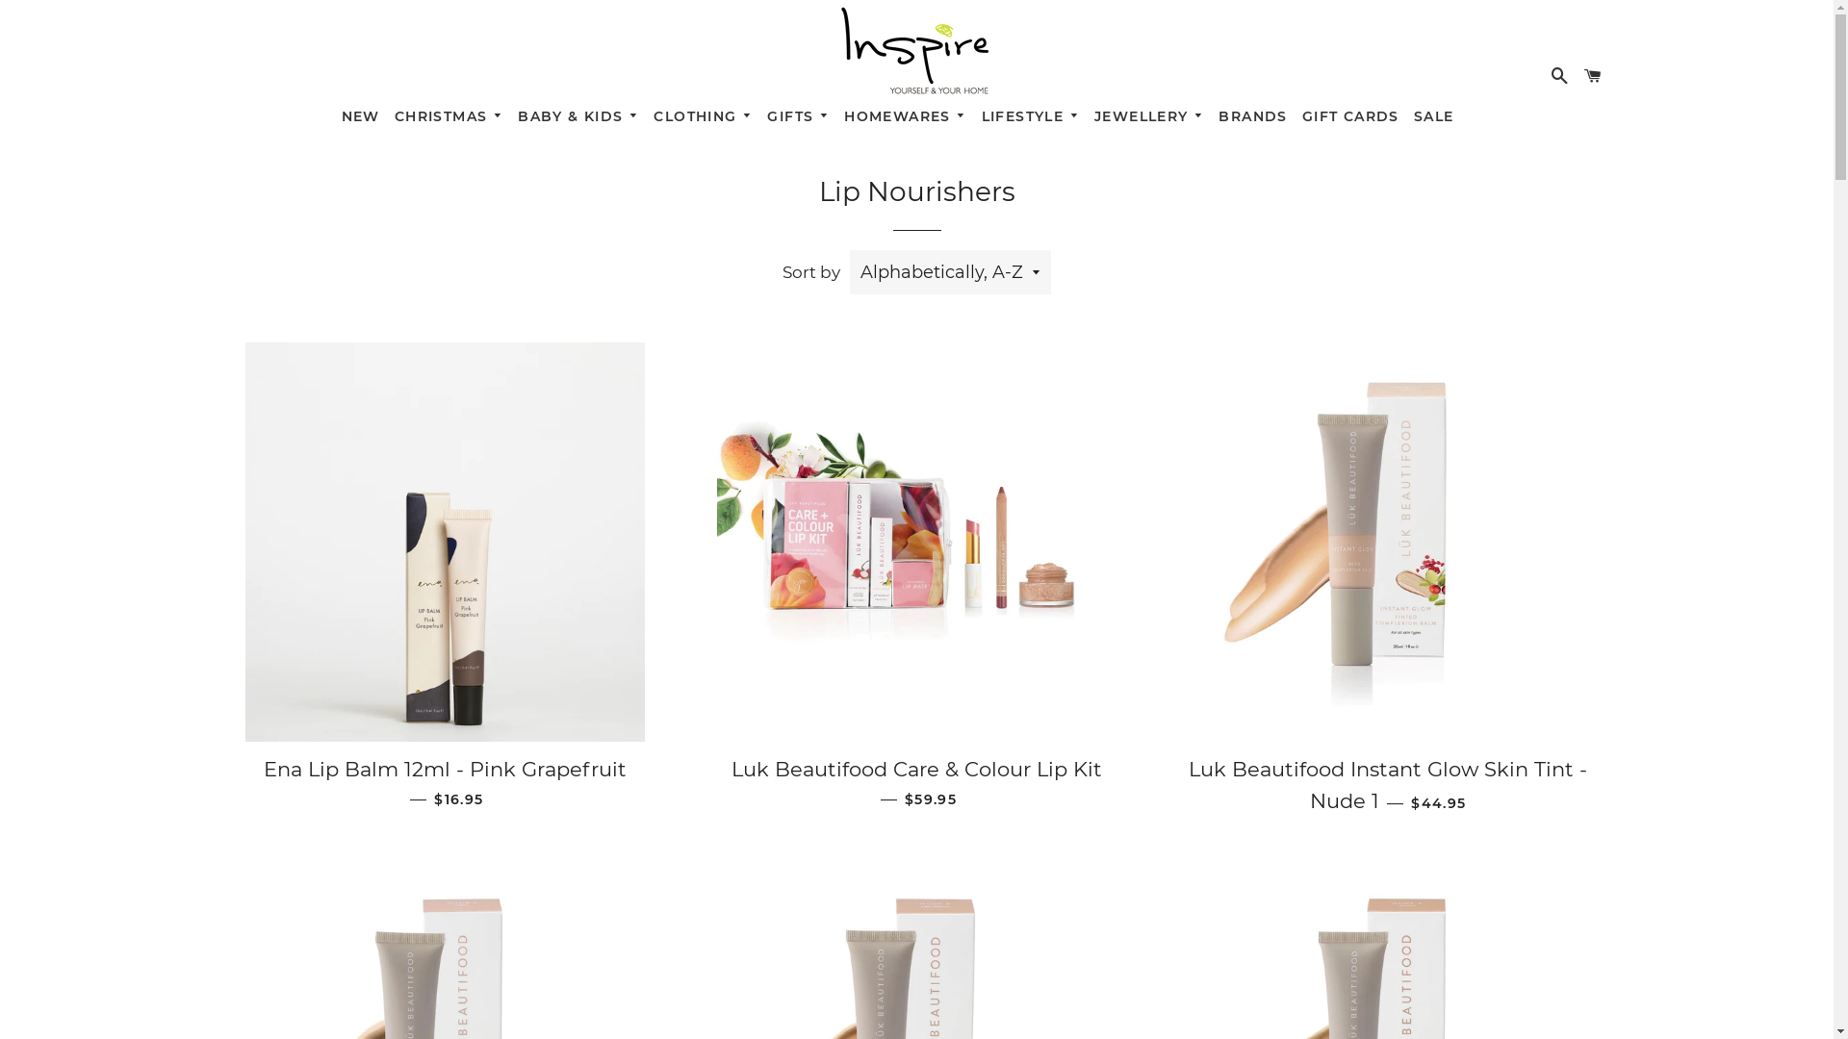 The image size is (1848, 1039). Describe the element at coordinates (1029, 113) in the screenshot. I see `'LIFESTYLE'` at that location.